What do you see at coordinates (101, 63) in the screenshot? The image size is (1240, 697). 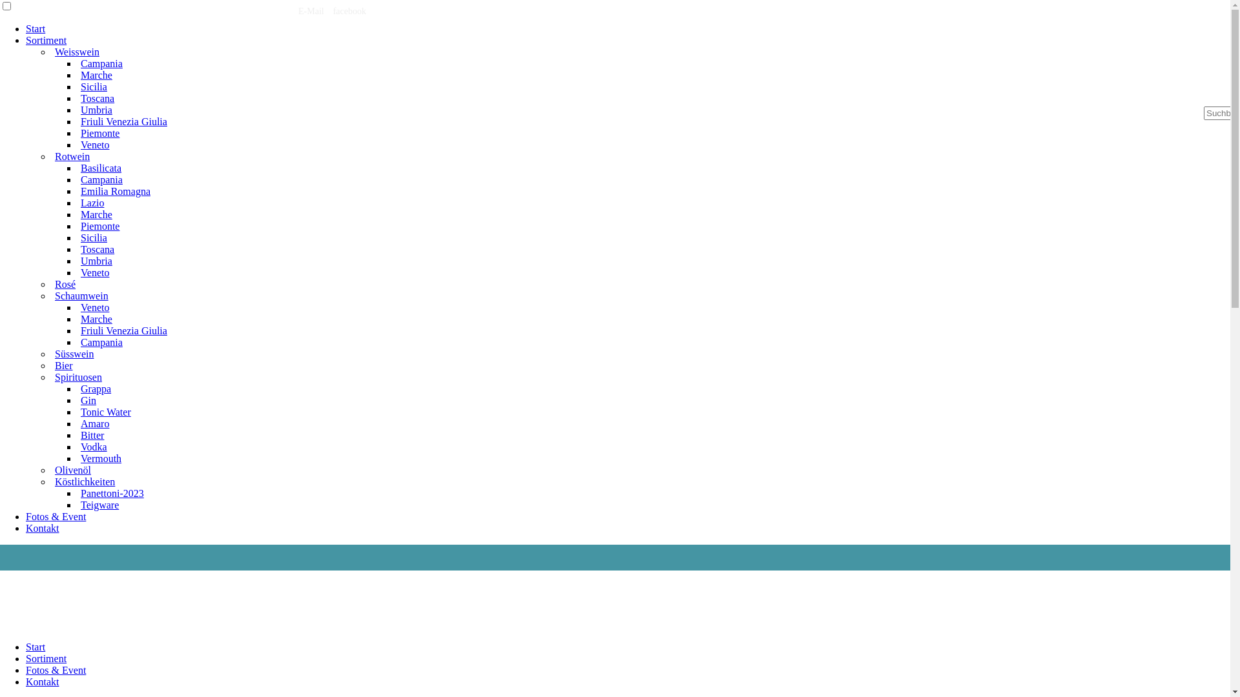 I see `'Campania'` at bounding box center [101, 63].